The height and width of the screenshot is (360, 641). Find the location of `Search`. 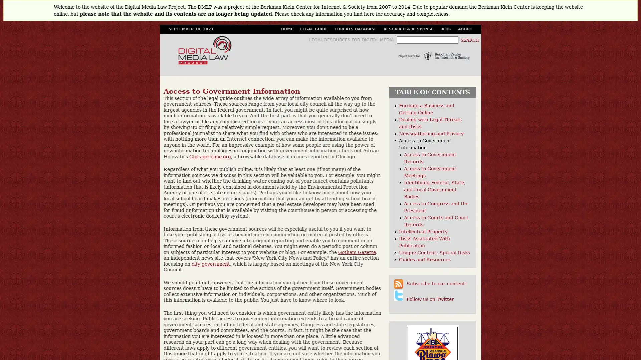

Search is located at coordinates (470, 40).